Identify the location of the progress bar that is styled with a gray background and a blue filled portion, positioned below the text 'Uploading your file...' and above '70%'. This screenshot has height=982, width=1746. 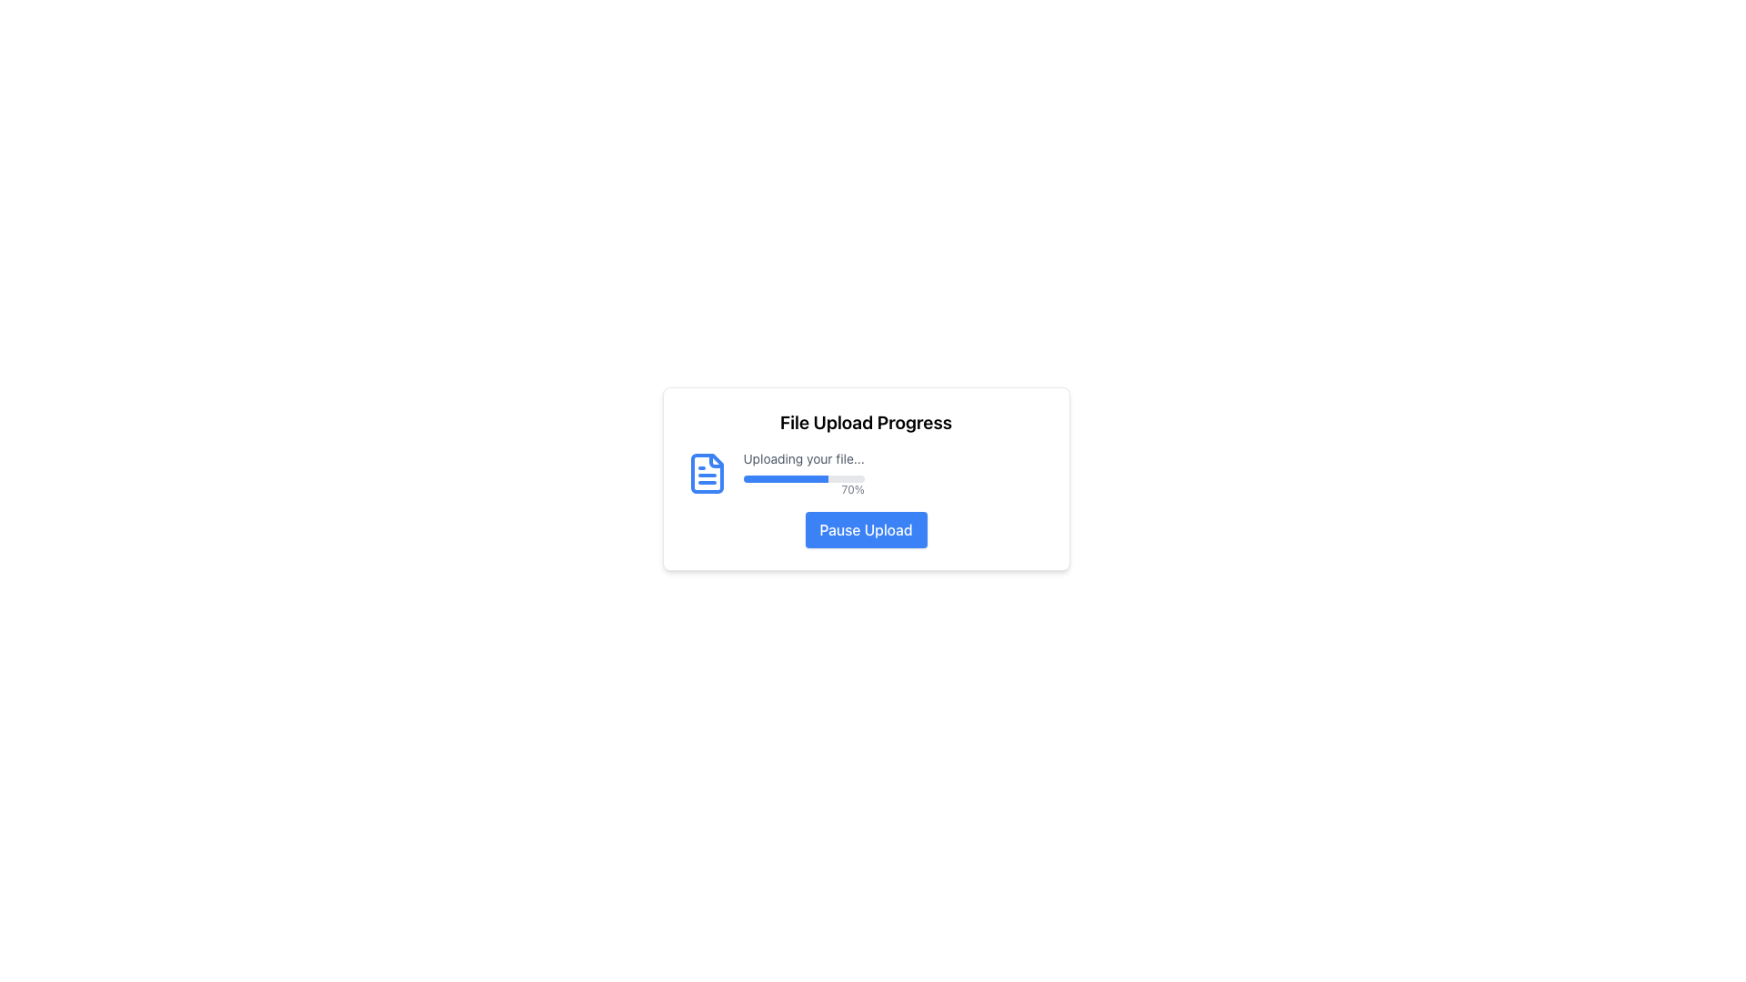
(803, 478).